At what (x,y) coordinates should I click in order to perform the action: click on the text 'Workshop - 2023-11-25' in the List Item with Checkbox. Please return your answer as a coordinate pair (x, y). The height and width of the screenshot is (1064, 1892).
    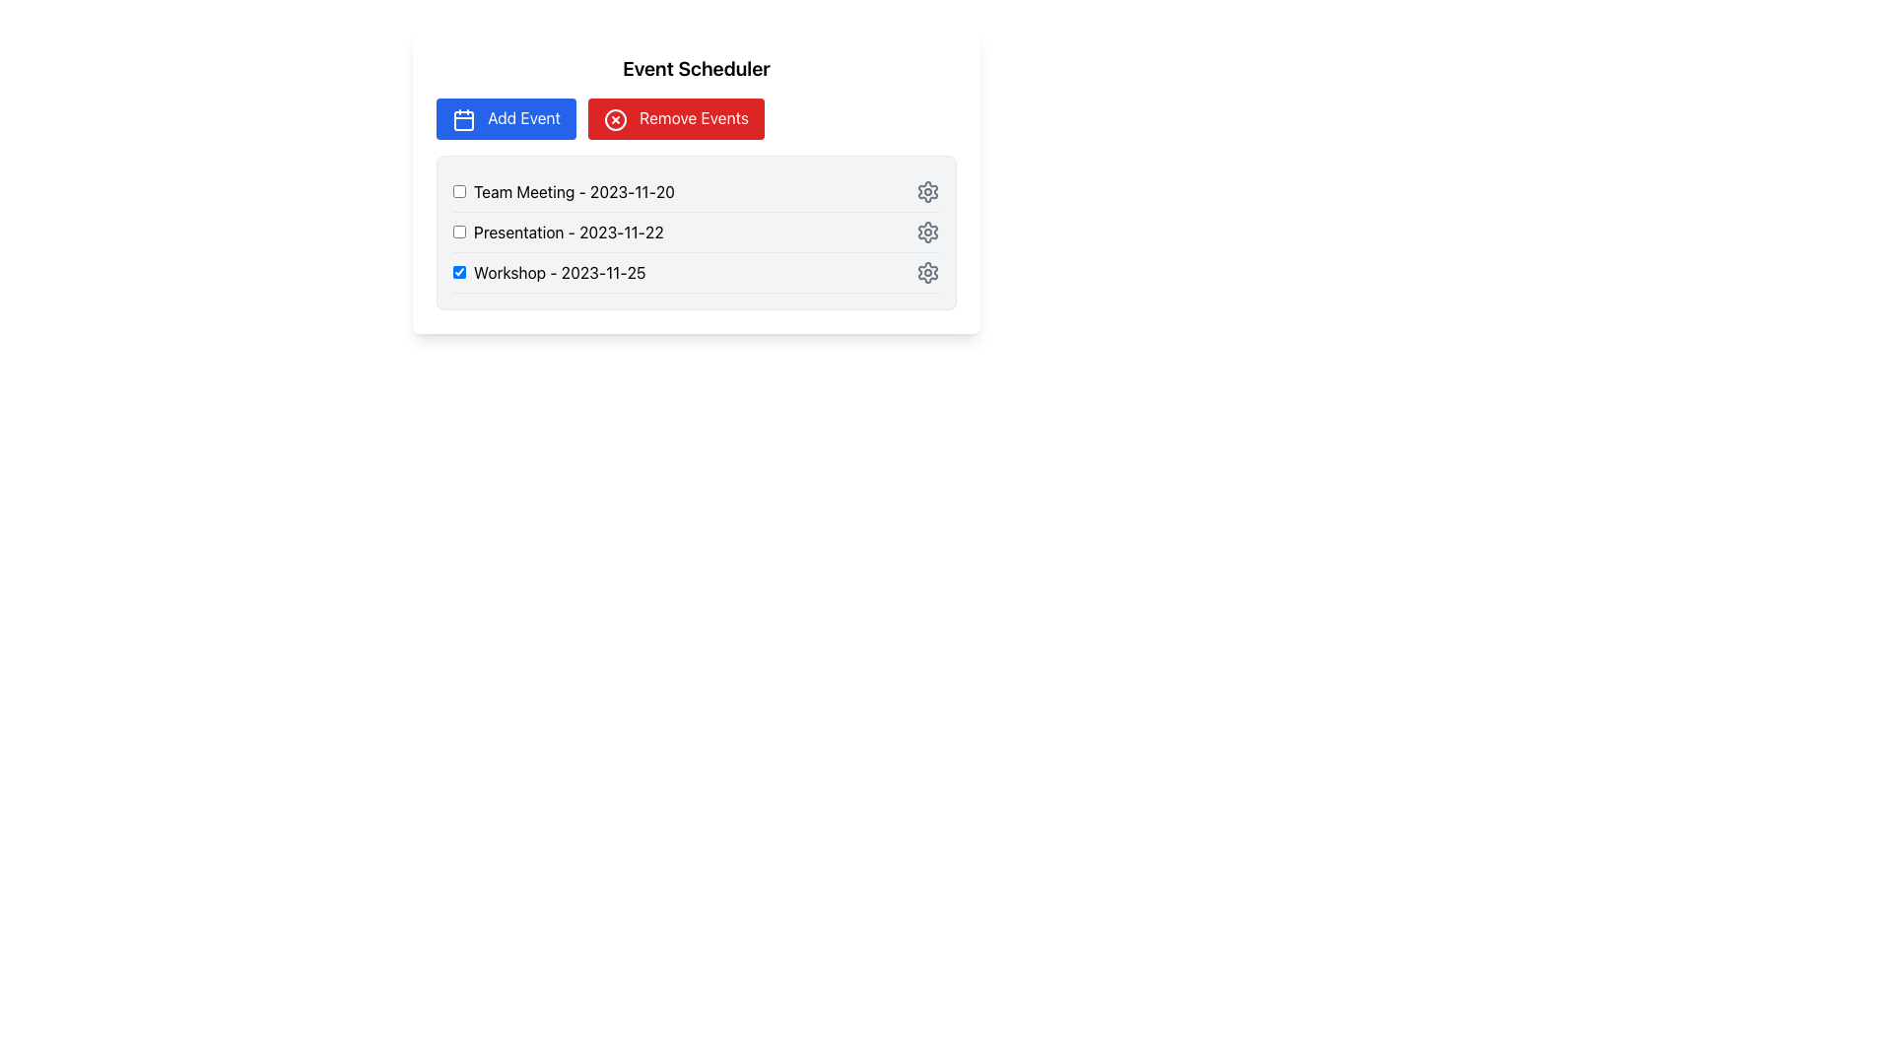
    Looking at the image, I should click on (549, 272).